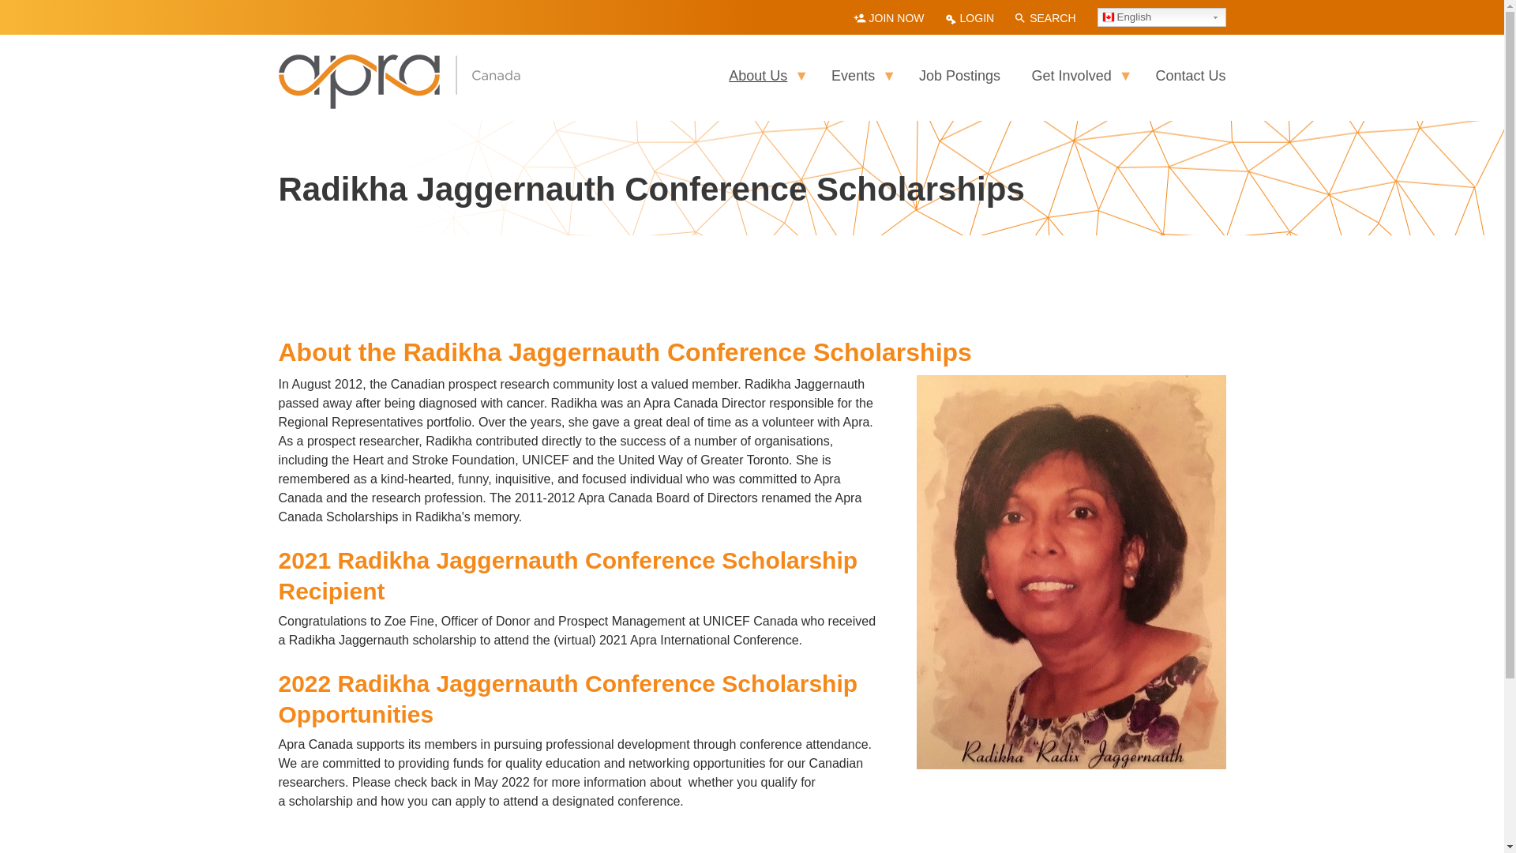  What do you see at coordinates (969, 18) in the screenshot?
I see `'LOGIN'` at bounding box center [969, 18].